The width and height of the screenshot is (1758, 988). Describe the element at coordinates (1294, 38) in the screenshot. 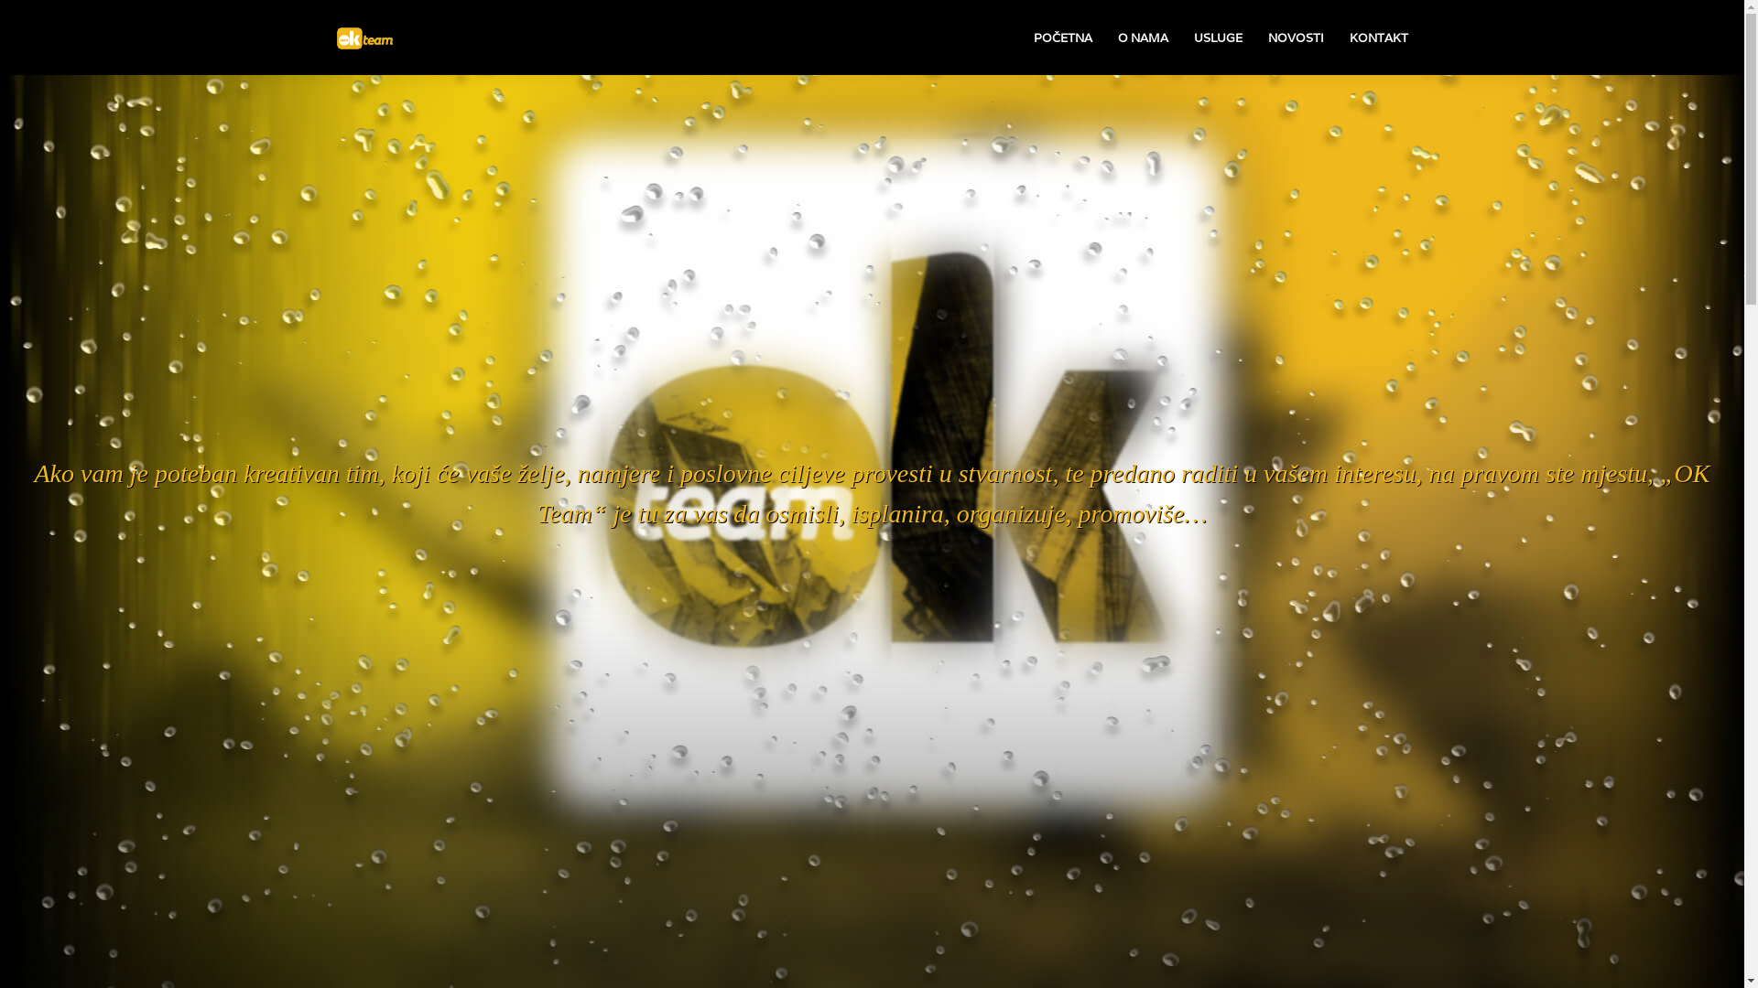

I see `'NOVOSTI'` at that location.